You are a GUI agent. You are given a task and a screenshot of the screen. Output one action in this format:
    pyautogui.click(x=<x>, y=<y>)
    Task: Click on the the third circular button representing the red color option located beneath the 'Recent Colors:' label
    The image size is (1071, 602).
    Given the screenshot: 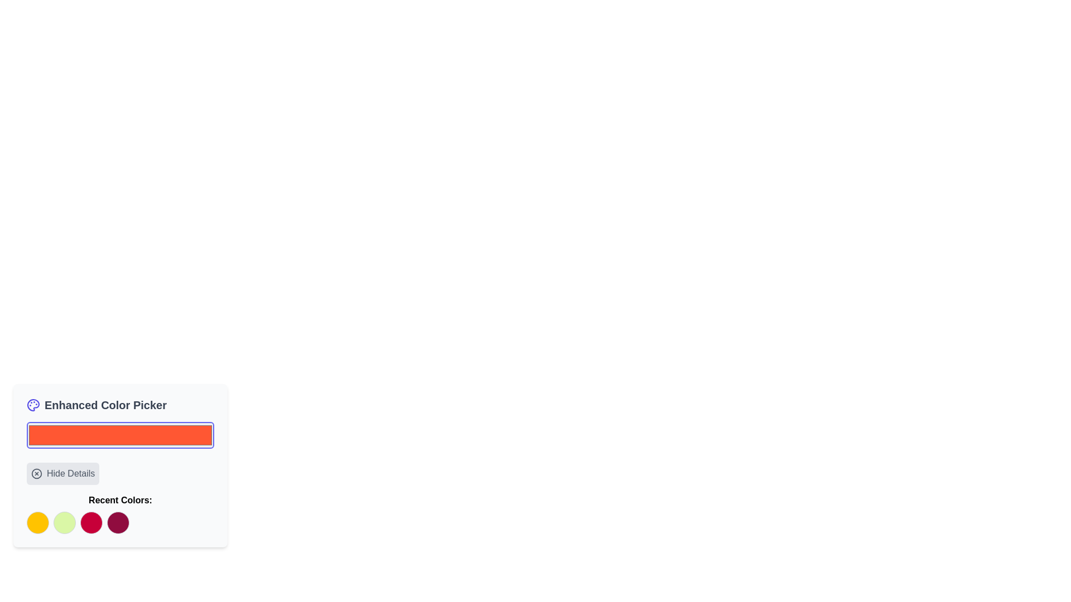 What is the action you would take?
    pyautogui.click(x=91, y=522)
    